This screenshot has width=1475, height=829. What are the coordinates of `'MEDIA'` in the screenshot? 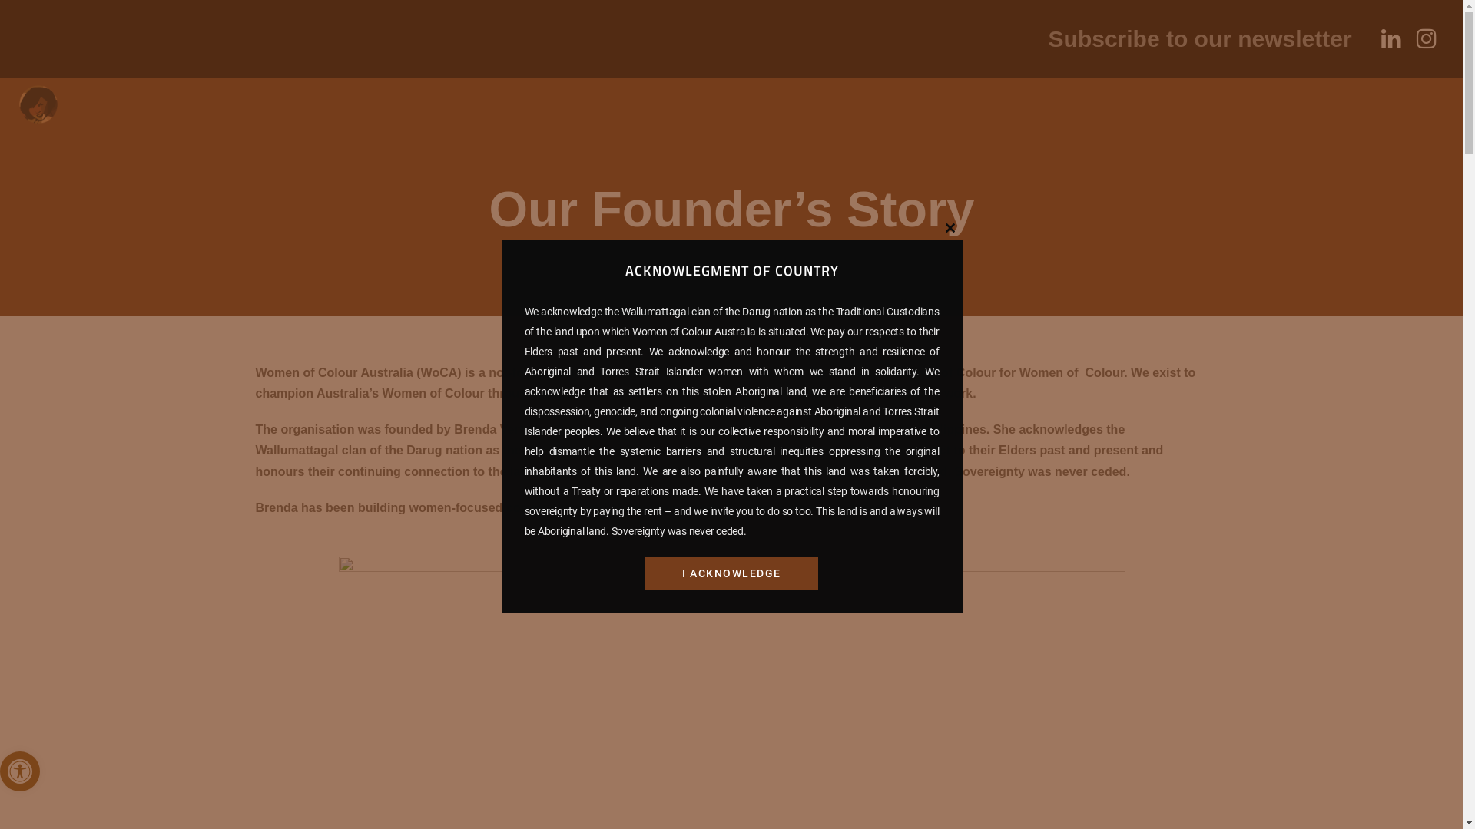 It's located at (700, 114).